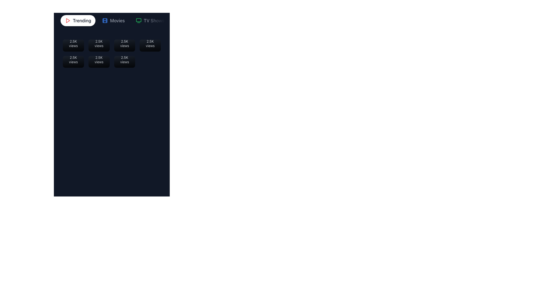 The height and width of the screenshot is (301, 536). Describe the element at coordinates (73, 60) in the screenshot. I see `the text label indicating the number of views associated with related content, located beneath 'Content Title 5' in the first row and left-most column of a 2x3 grid` at that location.